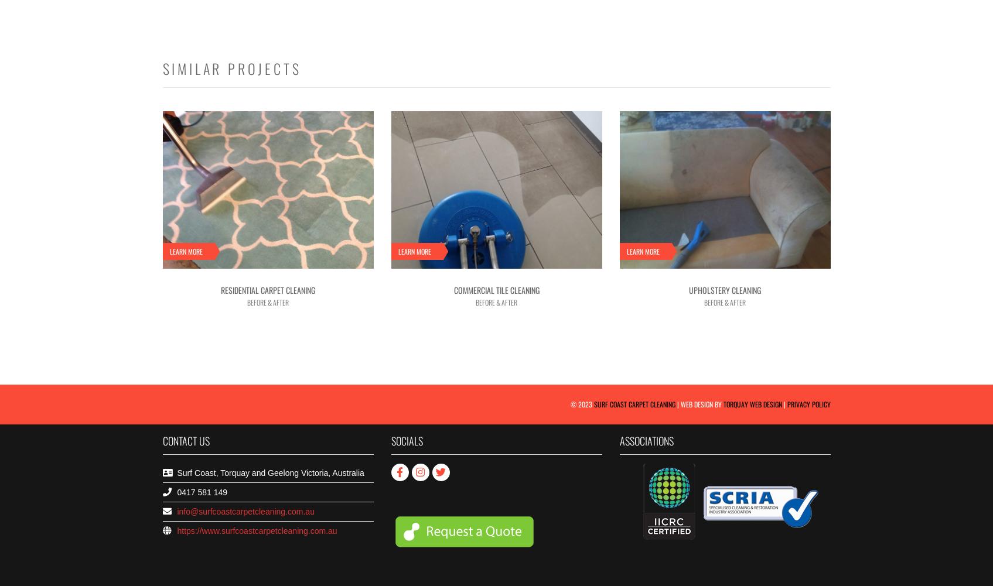 The height and width of the screenshot is (586, 993). What do you see at coordinates (781, 403) in the screenshot?
I see `'|'` at bounding box center [781, 403].